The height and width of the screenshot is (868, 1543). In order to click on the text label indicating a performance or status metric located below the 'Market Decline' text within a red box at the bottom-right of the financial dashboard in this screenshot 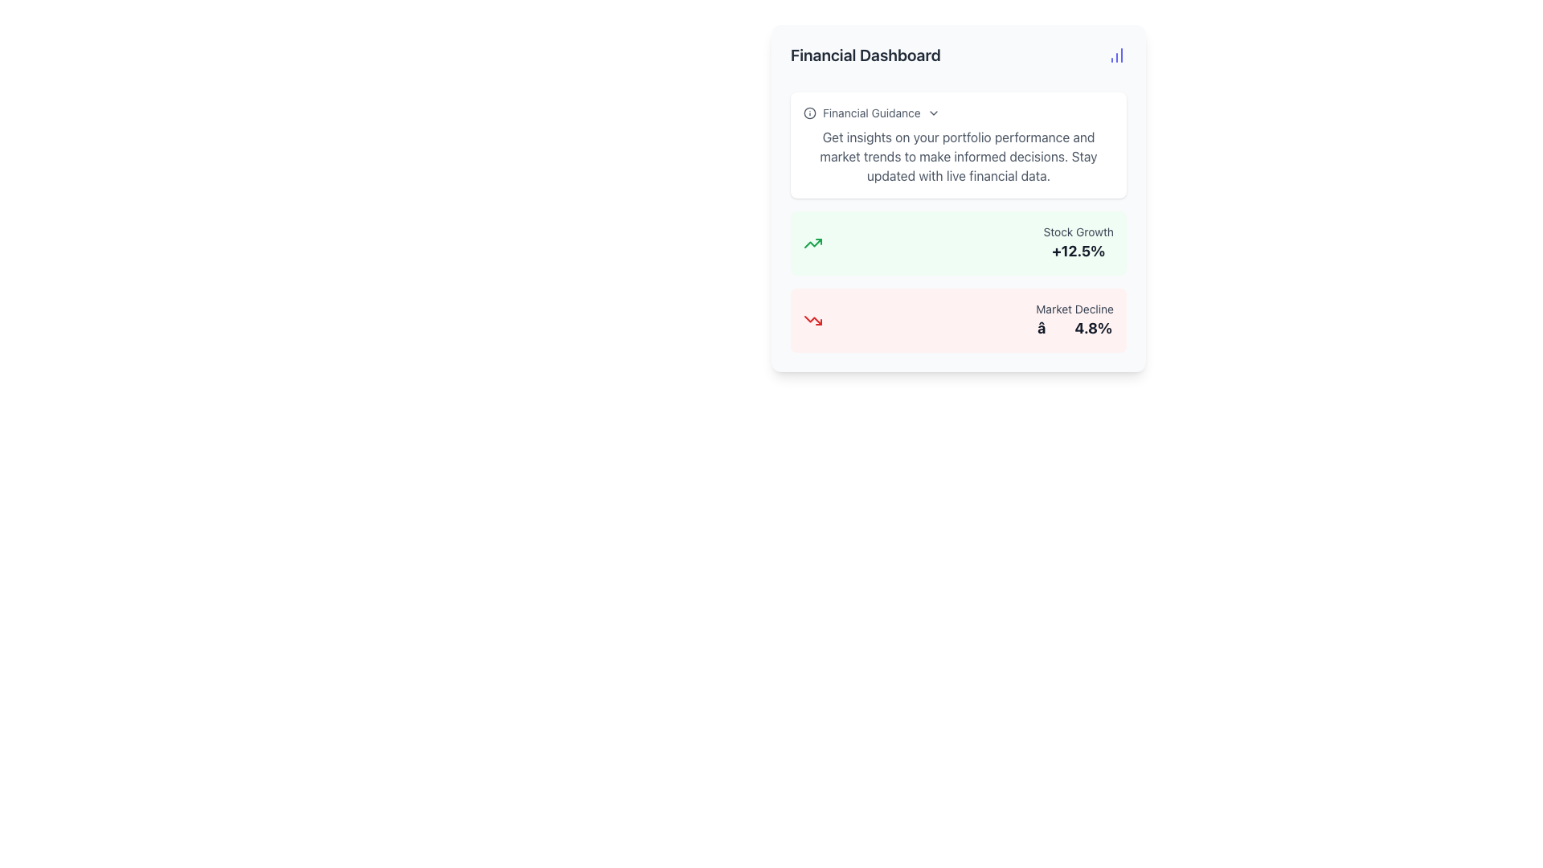, I will do `click(1074, 327)`.